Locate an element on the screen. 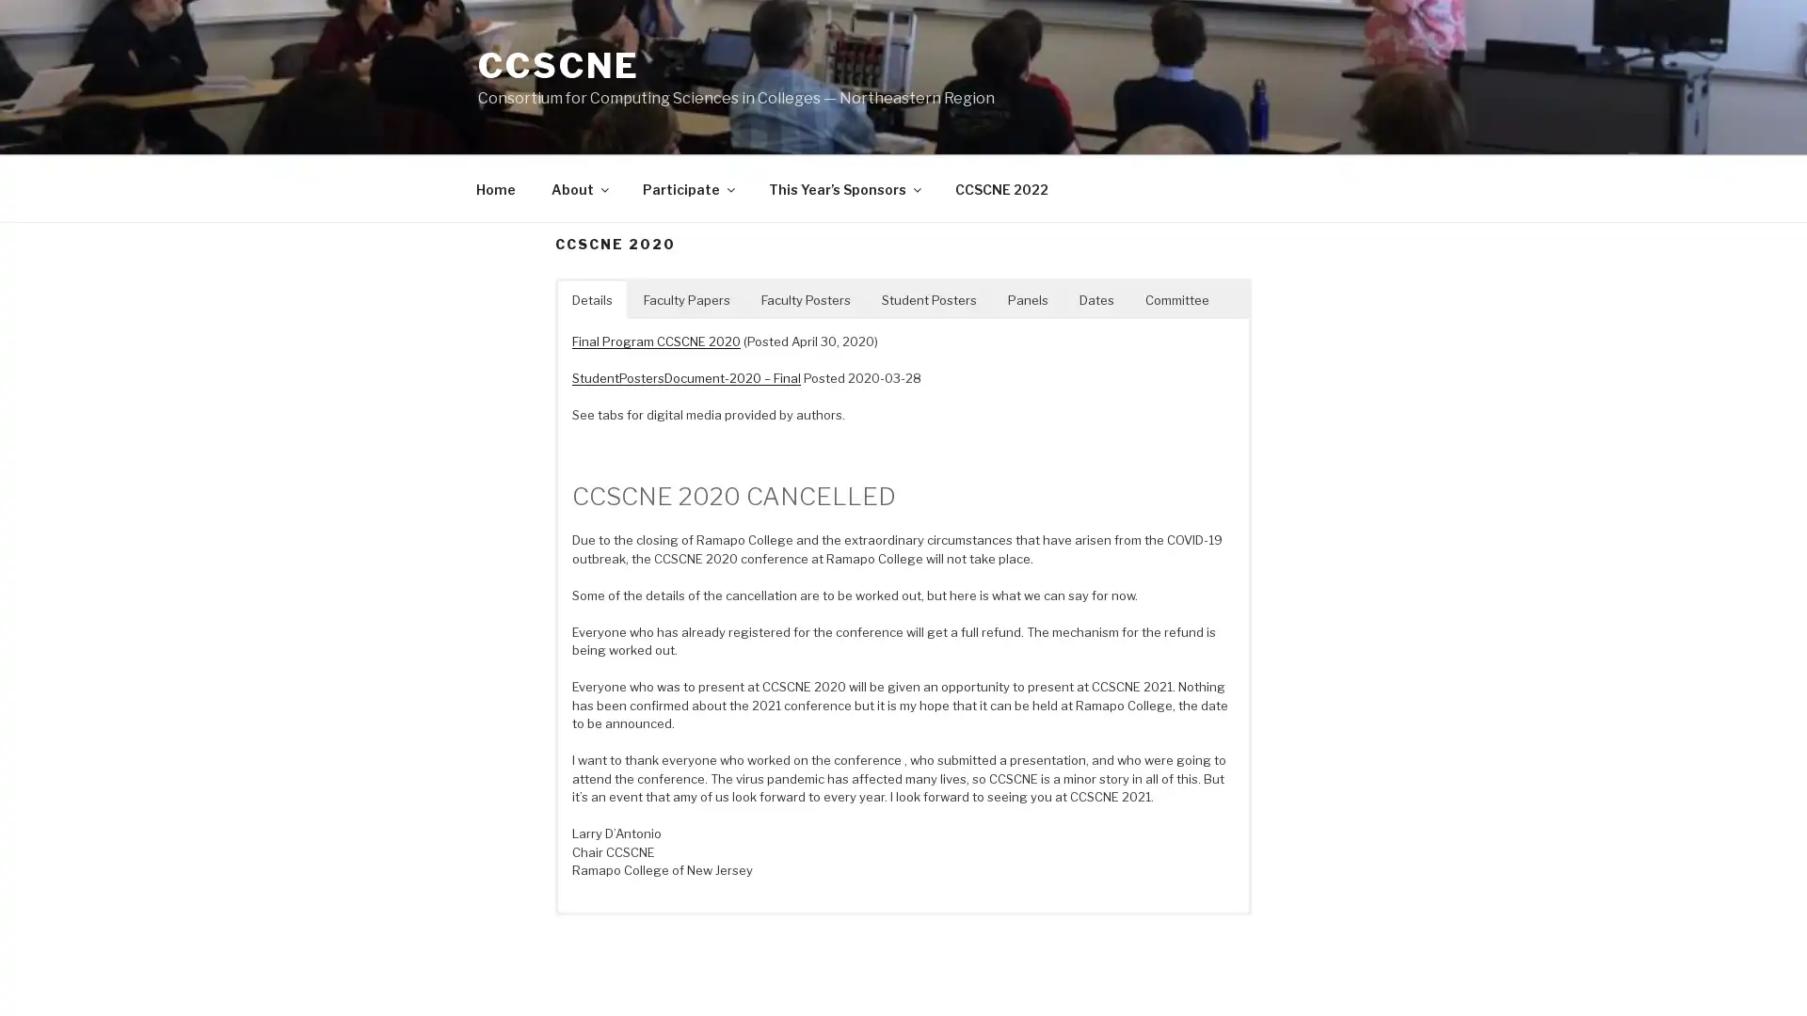 The height and width of the screenshot is (1016, 1807). Committee is located at coordinates (1176, 297).